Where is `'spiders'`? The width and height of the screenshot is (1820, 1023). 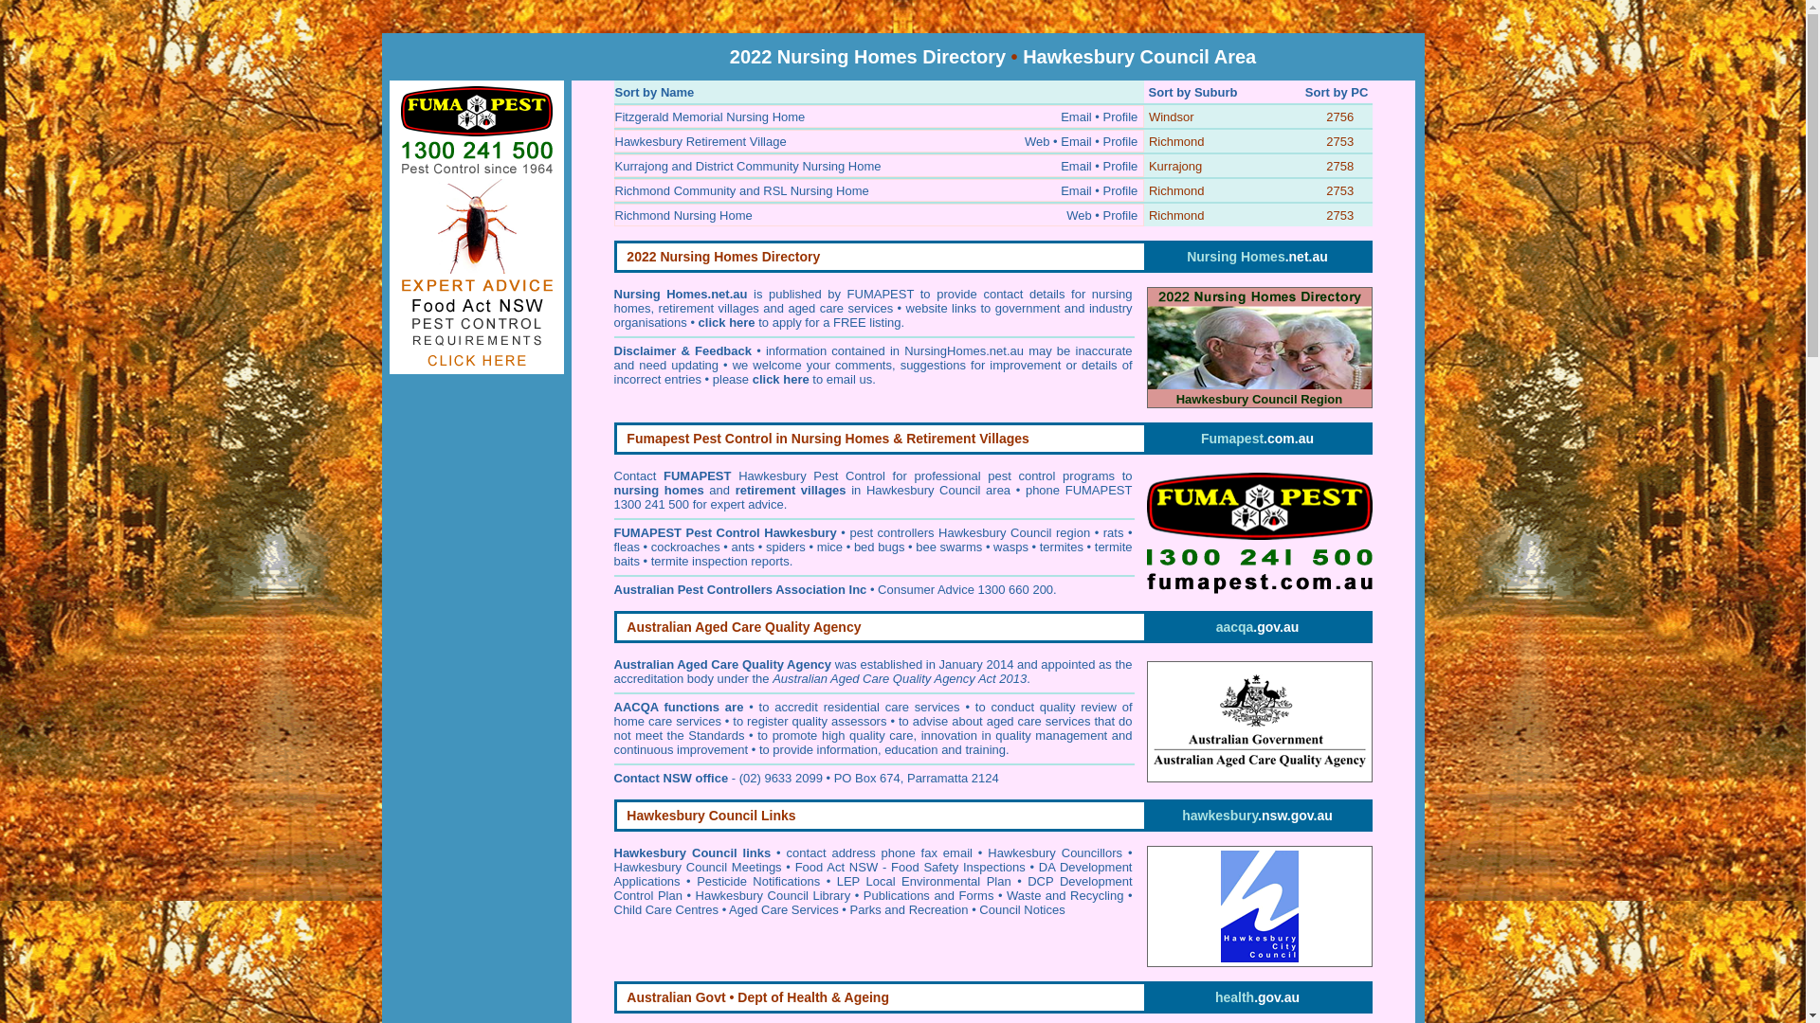
'spiders' is located at coordinates (786, 547).